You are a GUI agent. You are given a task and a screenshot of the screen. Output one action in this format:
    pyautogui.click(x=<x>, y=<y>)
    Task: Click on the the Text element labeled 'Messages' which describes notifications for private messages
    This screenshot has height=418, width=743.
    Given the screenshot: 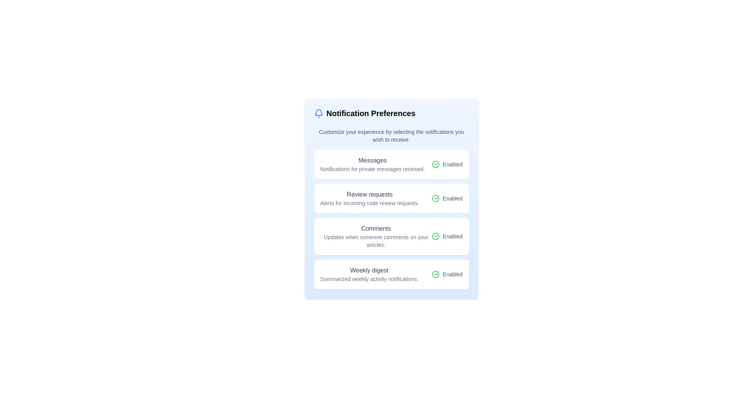 What is the action you would take?
    pyautogui.click(x=372, y=164)
    